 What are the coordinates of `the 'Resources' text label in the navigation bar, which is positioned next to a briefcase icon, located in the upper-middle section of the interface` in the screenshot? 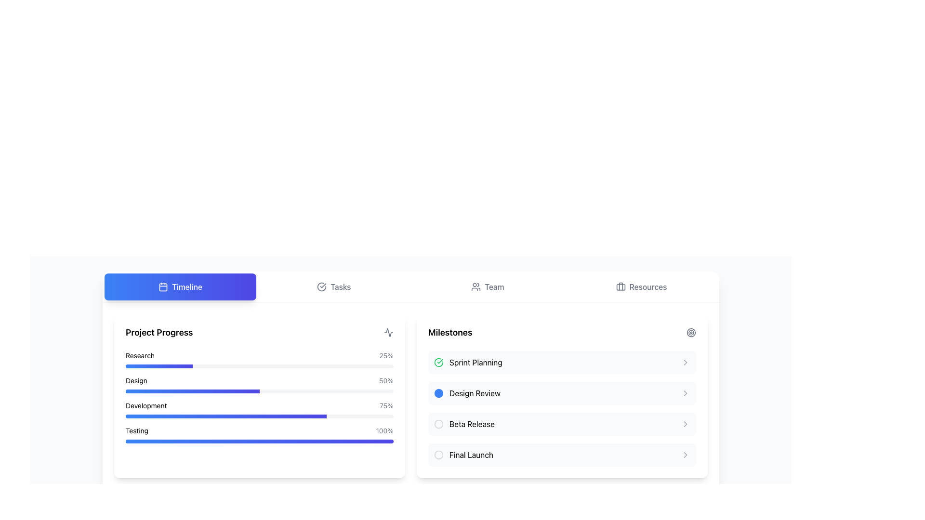 It's located at (648, 286).